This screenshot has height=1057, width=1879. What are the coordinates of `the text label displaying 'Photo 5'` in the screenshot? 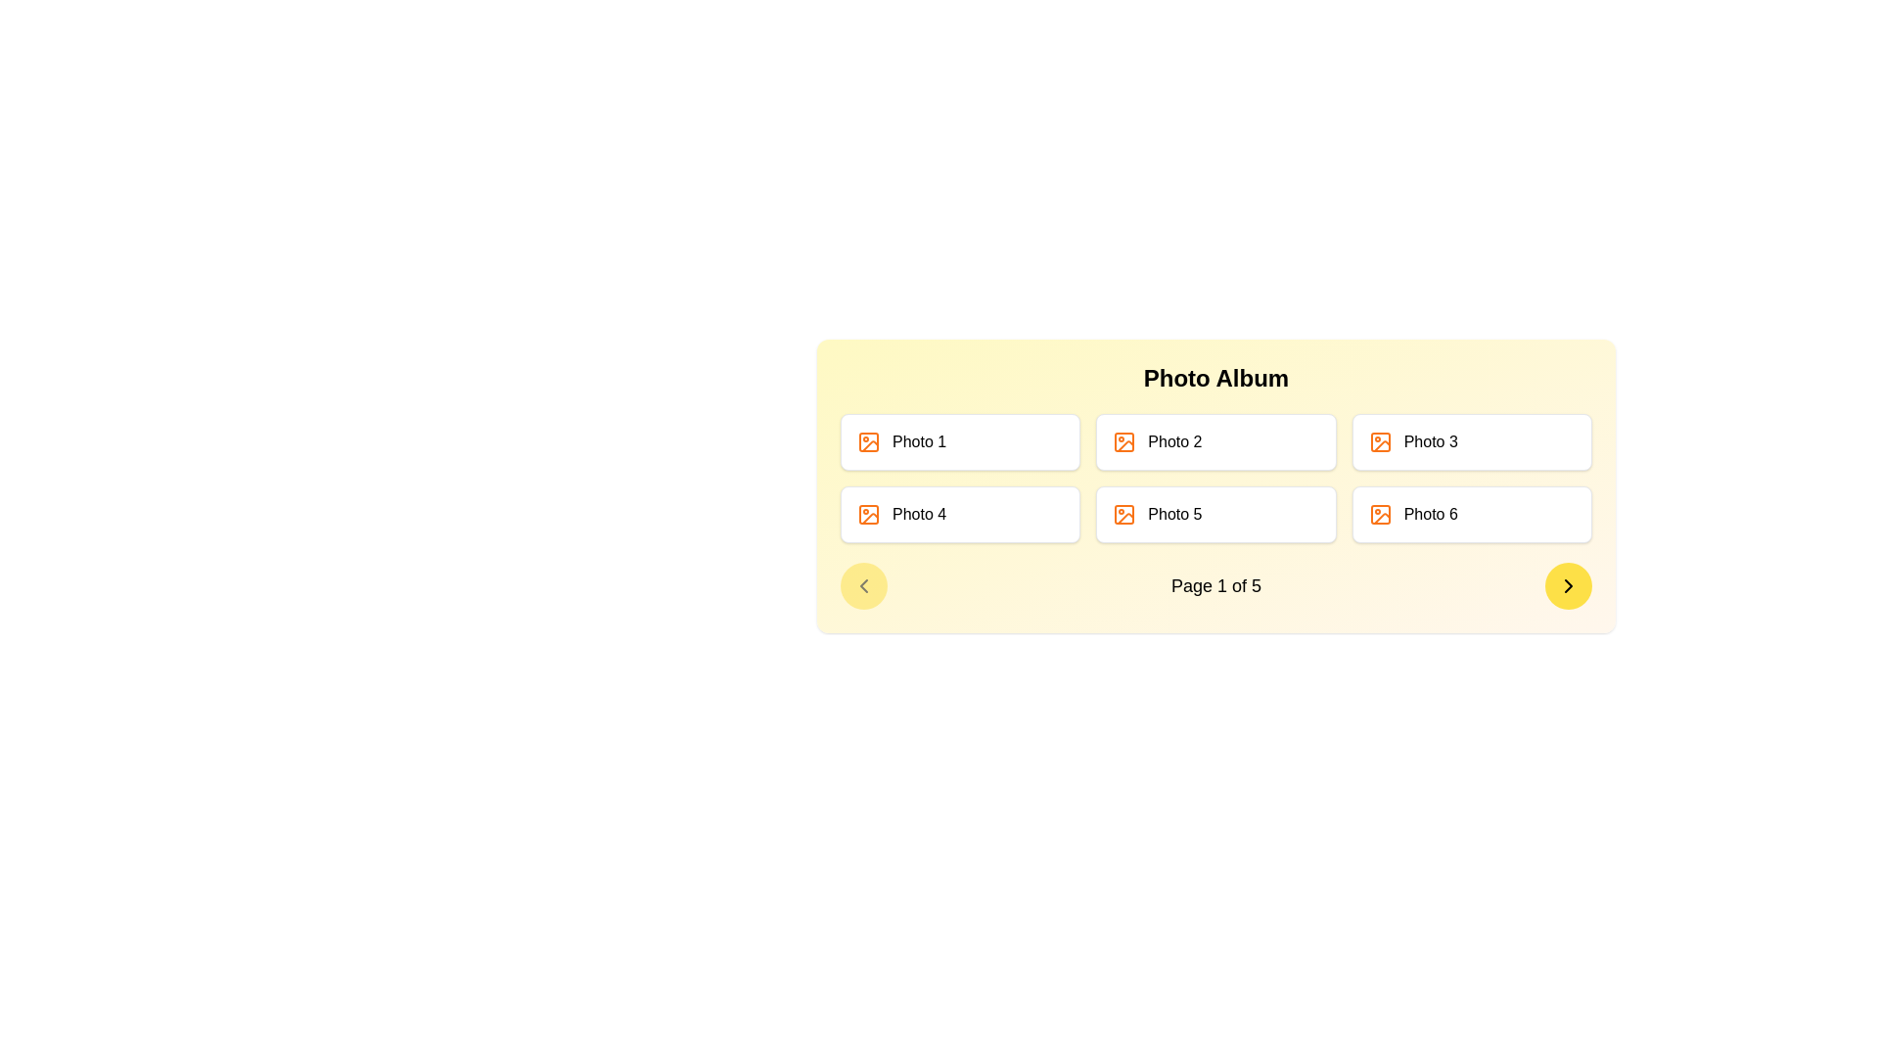 It's located at (1174, 513).